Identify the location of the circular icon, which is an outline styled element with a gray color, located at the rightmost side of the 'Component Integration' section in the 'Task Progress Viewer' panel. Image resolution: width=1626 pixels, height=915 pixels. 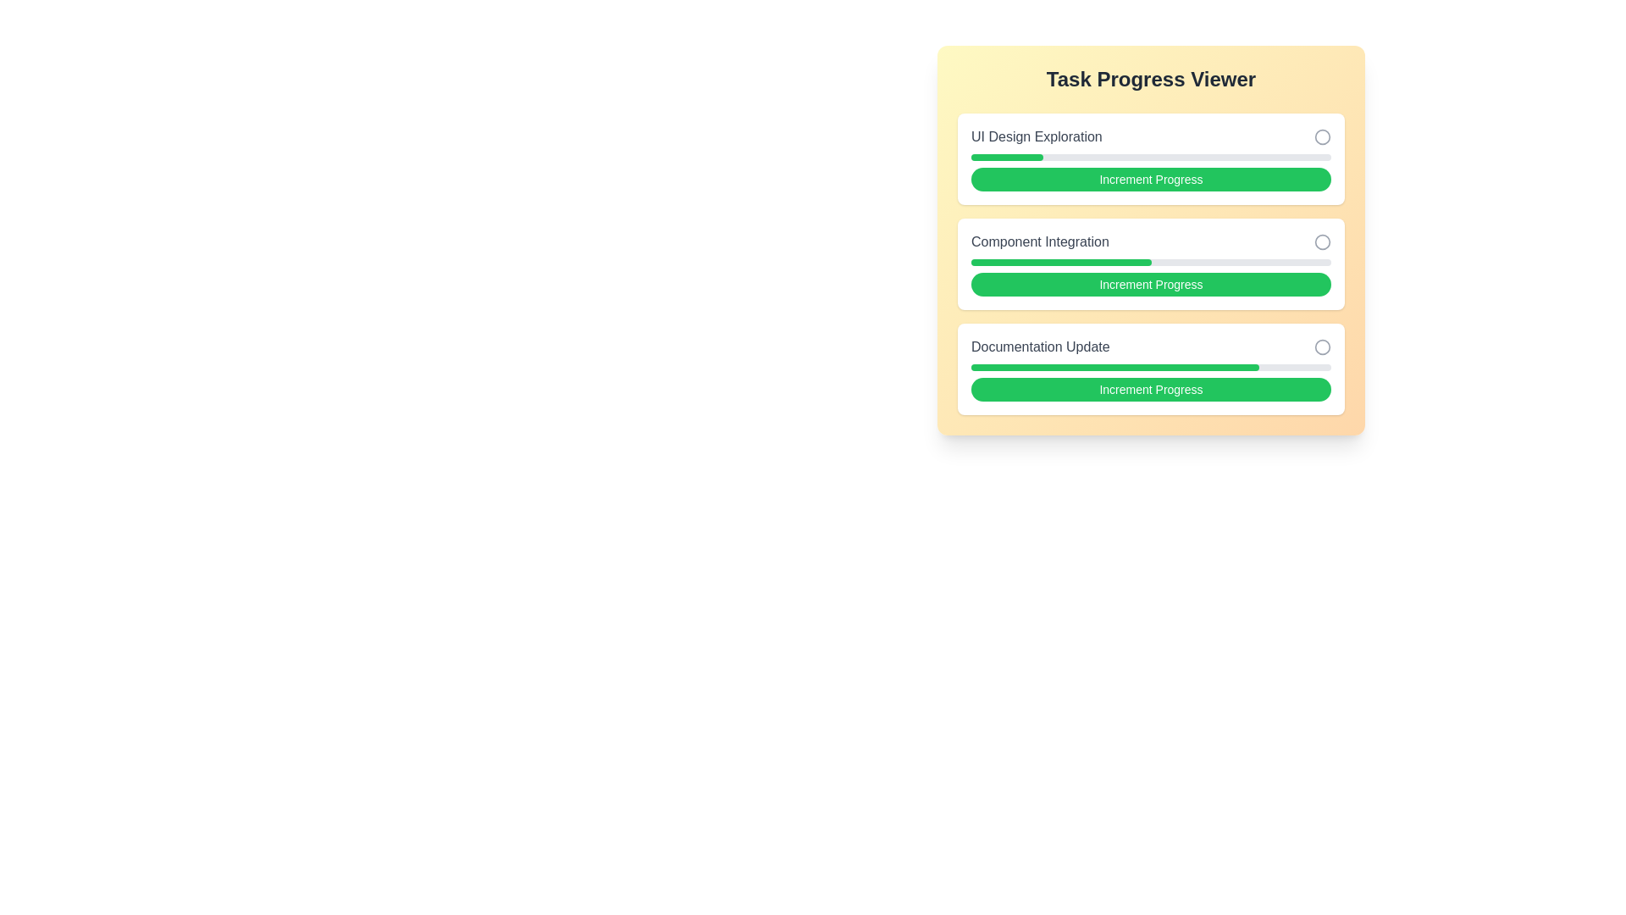
(1321, 241).